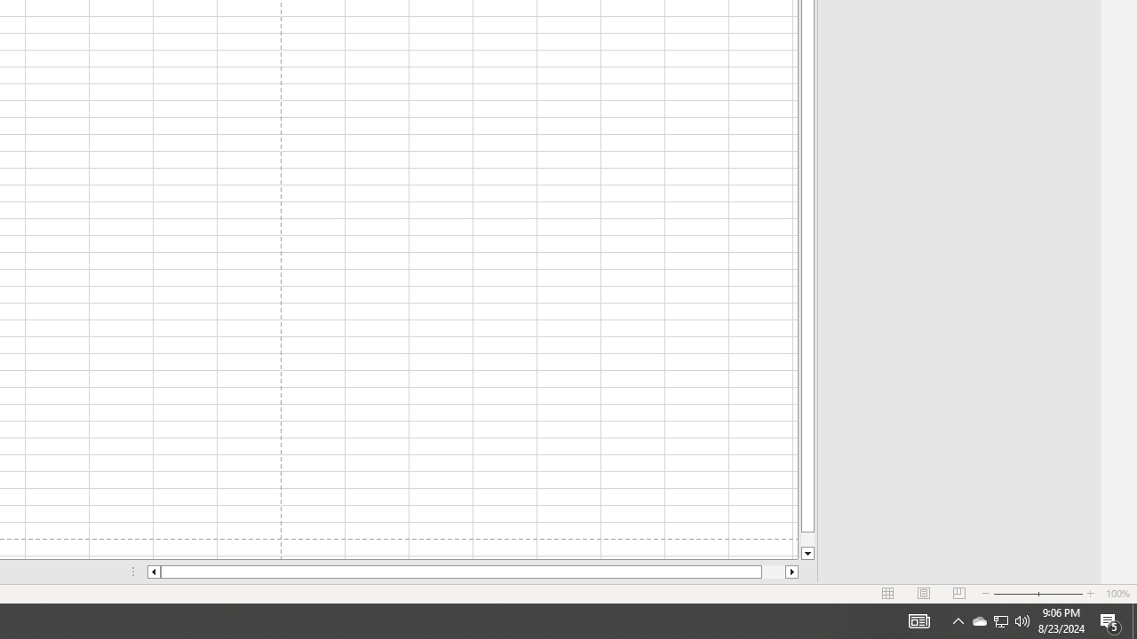 The width and height of the screenshot is (1137, 639). What do you see at coordinates (958, 594) in the screenshot?
I see `'Page Break Preview'` at bounding box center [958, 594].